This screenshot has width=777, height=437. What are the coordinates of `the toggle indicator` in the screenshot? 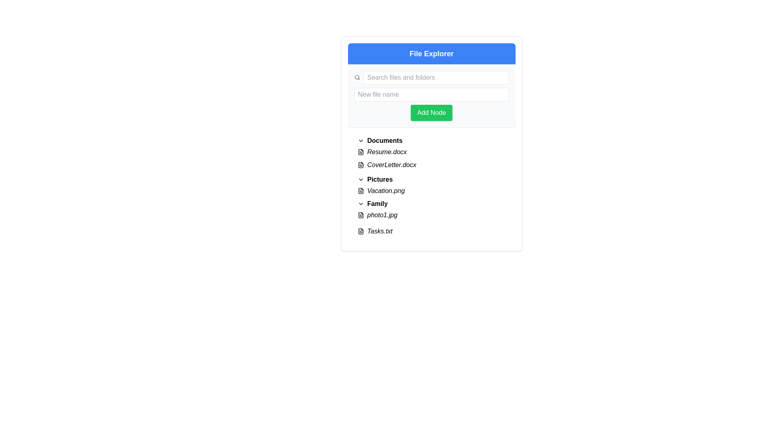 It's located at (360, 140).